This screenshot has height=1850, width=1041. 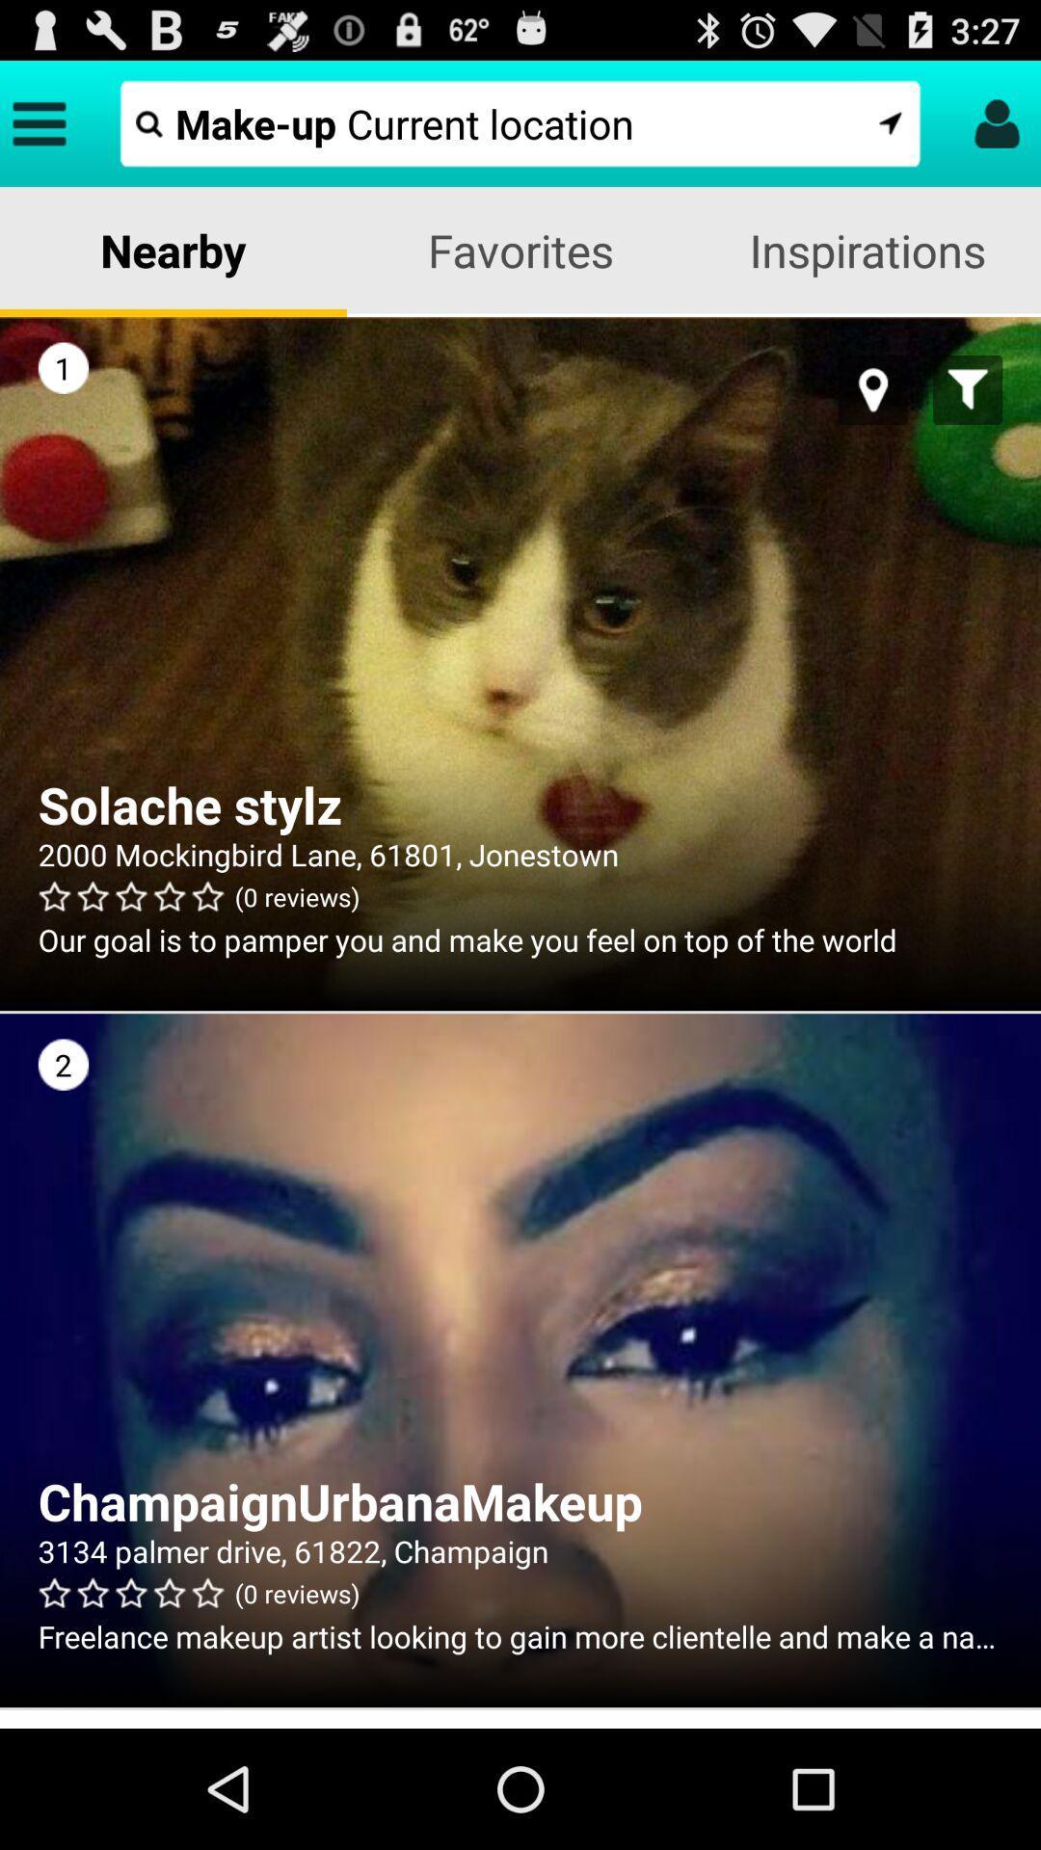 What do you see at coordinates (866, 249) in the screenshot?
I see `inspirations` at bounding box center [866, 249].